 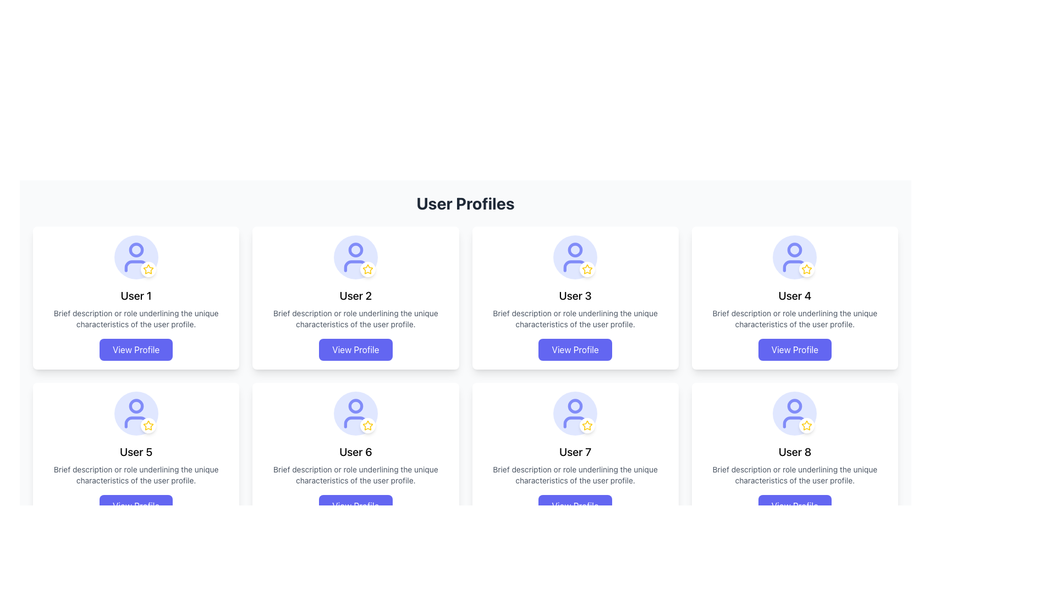 I want to click on the circular avatar with a decorative icon, which has a light indigo background and a user icon in its center, located under the 'User 8' card, so click(x=795, y=414).